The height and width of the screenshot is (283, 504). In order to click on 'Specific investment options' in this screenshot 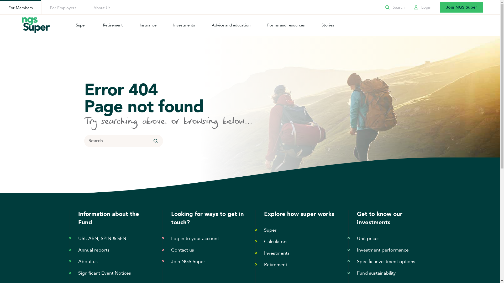, I will do `click(386, 262)`.